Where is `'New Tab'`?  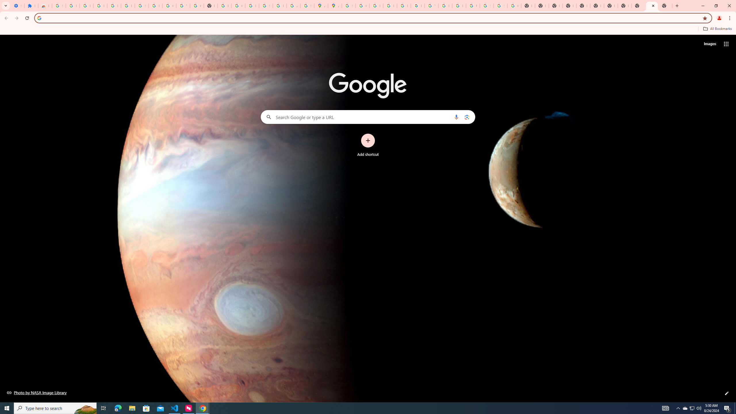 'New Tab' is located at coordinates (665, 5).